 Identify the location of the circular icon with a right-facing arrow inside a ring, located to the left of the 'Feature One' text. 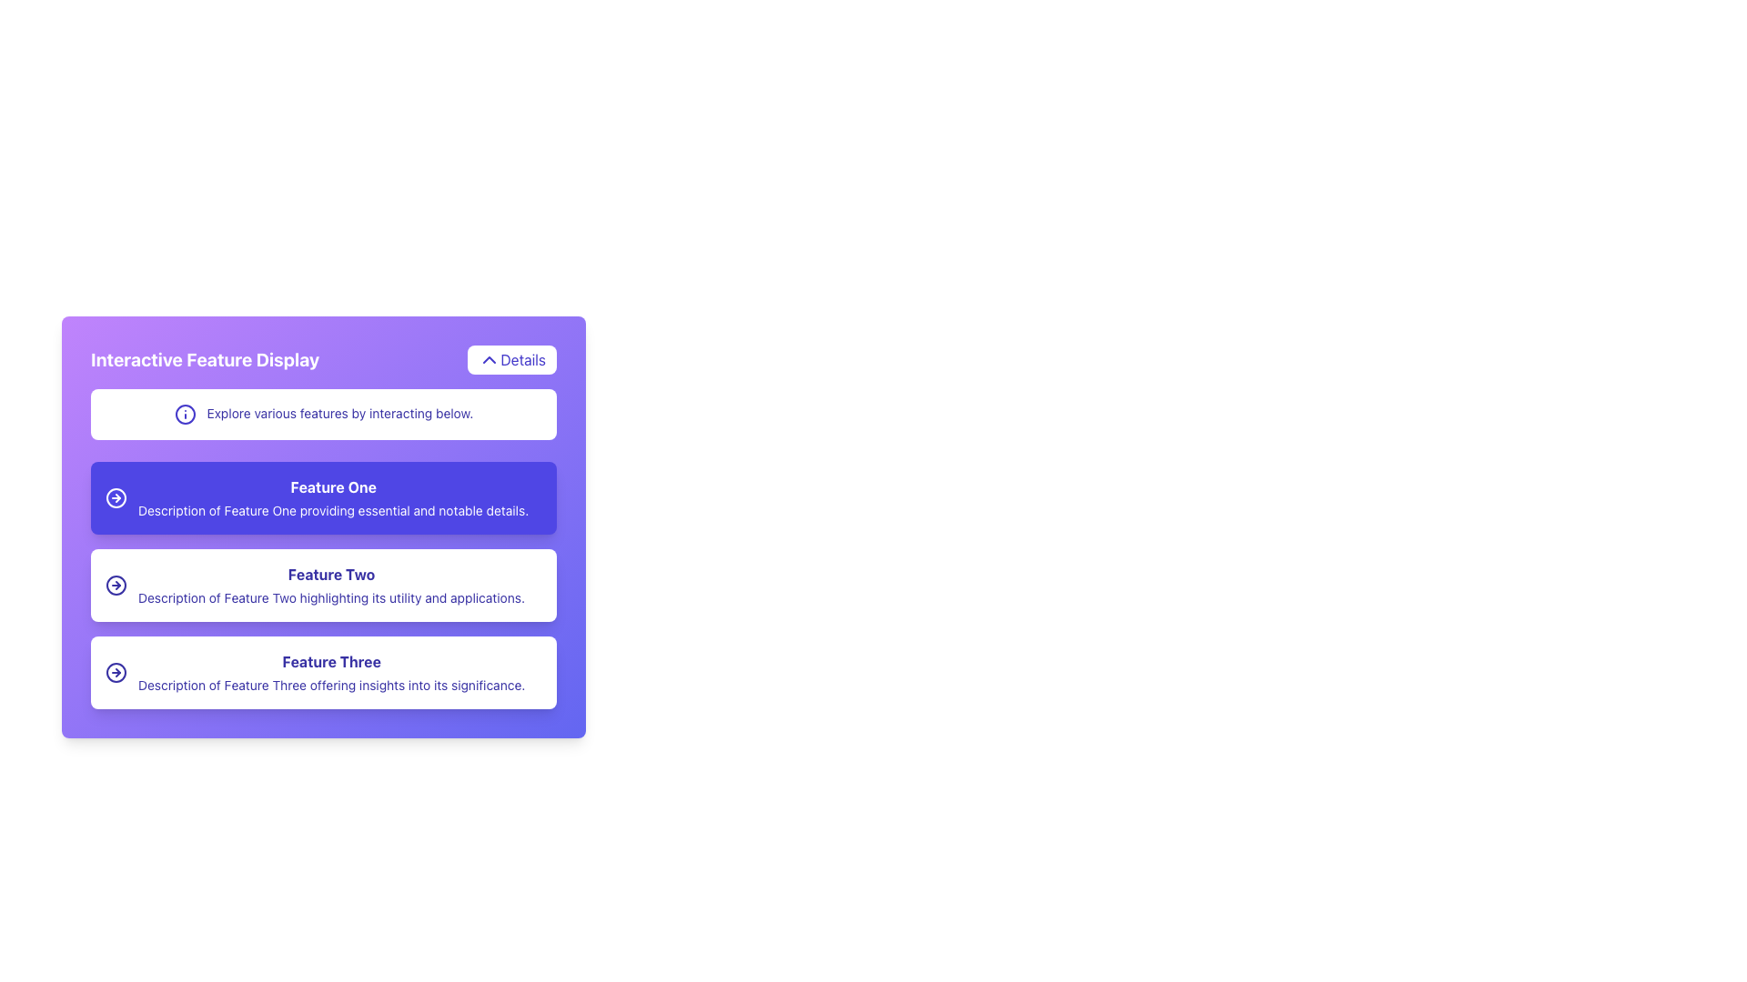
(116, 497).